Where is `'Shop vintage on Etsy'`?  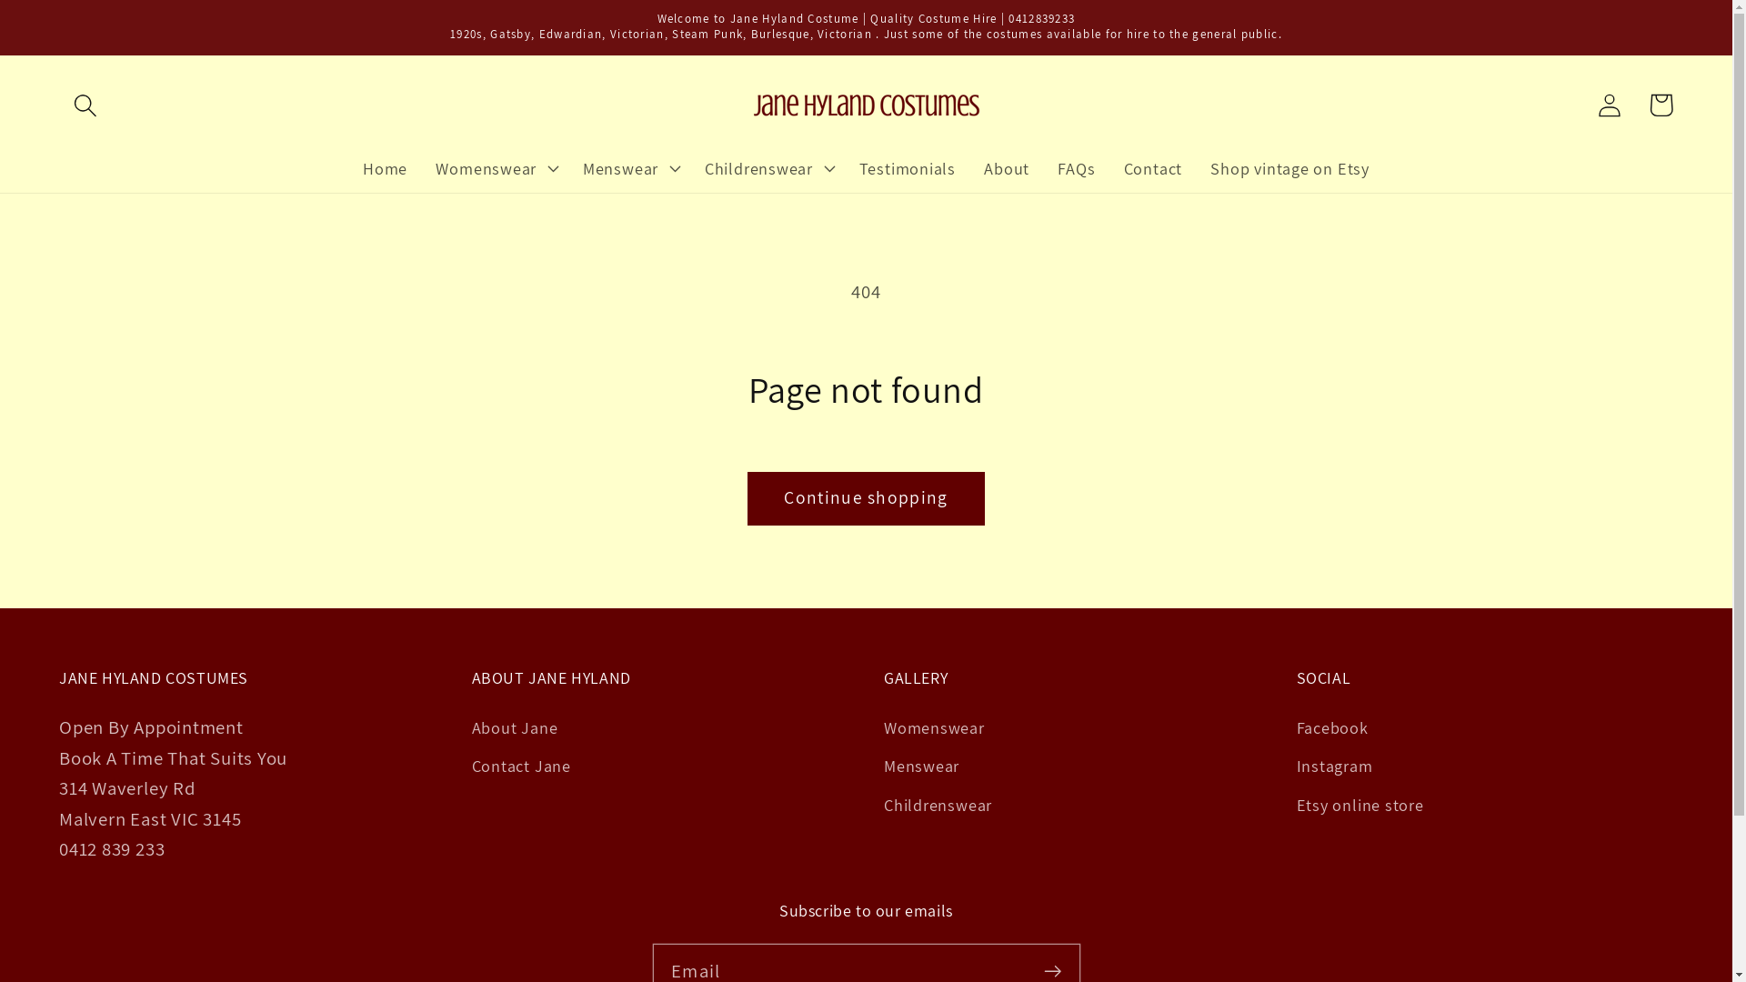
'Shop vintage on Etsy' is located at coordinates (1196, 168).